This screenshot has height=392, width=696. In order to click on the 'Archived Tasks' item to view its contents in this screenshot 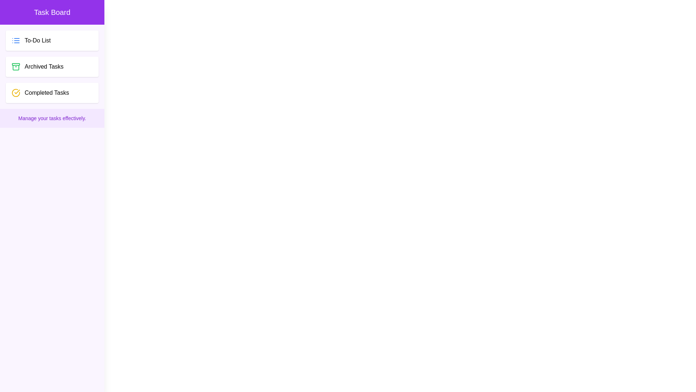, I will do `click(52, 67)`.